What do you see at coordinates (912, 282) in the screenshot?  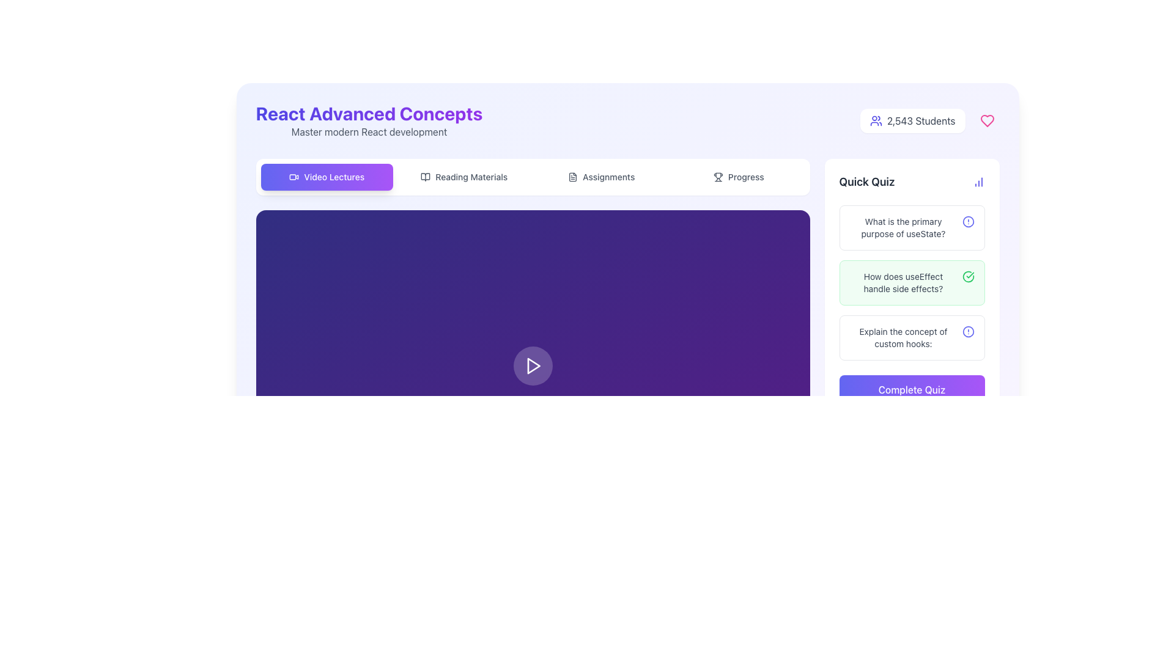 I see `the selectable text item that reads 'How does useEffect handle side effects?'` at bounding box center [912, 282].